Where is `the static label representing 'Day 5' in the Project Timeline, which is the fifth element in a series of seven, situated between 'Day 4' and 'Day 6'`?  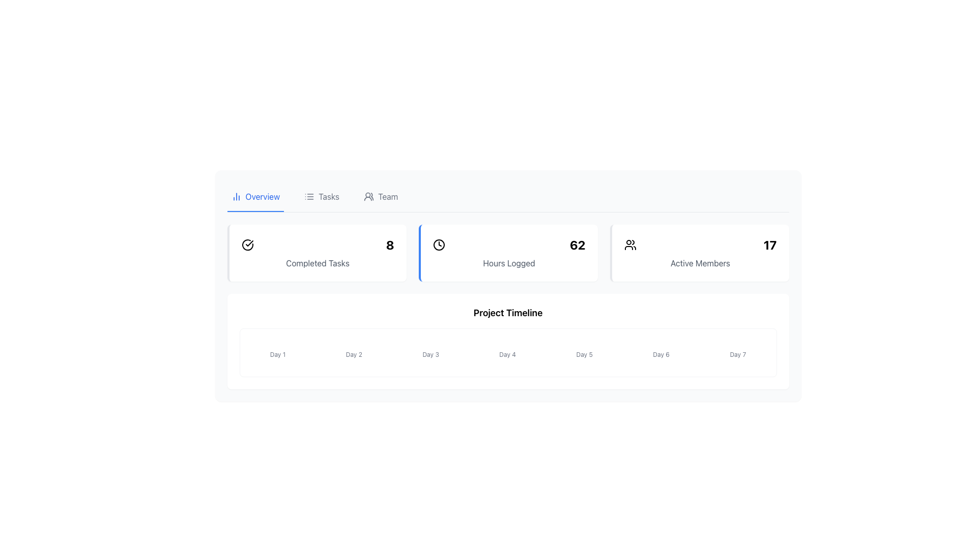
the static label representing 'Day 5' in the Project Timeline, which is the fifth element in a series of seven, situated between 'Day 4' and 'Day 6' is located at coordinates (584, 352).